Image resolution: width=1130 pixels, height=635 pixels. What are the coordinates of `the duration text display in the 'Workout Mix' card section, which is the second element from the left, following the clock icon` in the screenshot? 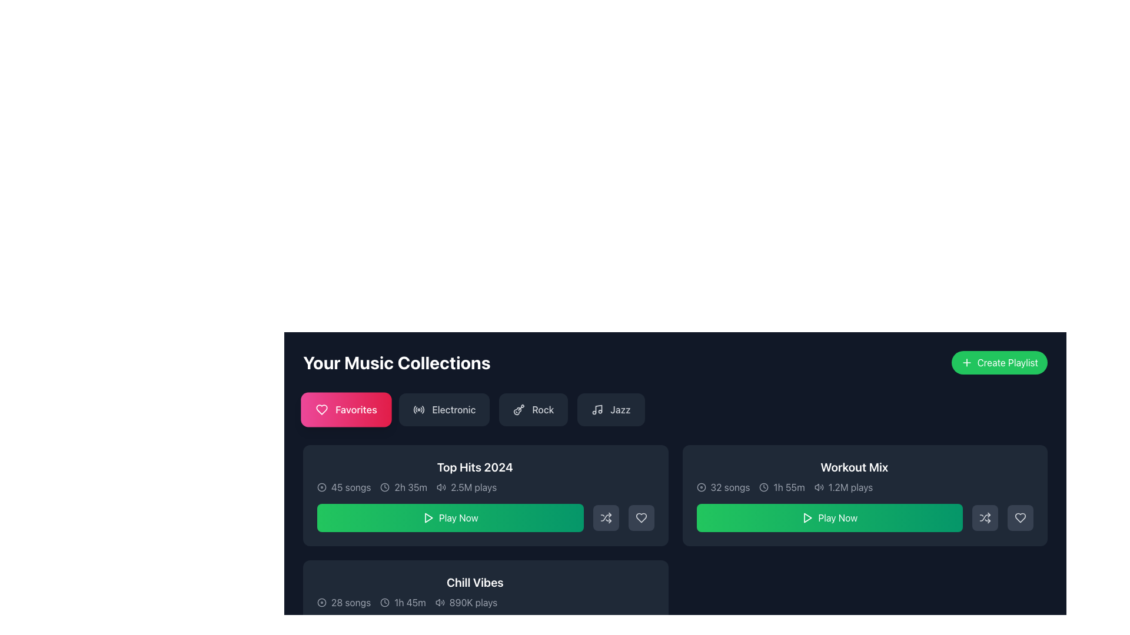 It's located at (789, 487).